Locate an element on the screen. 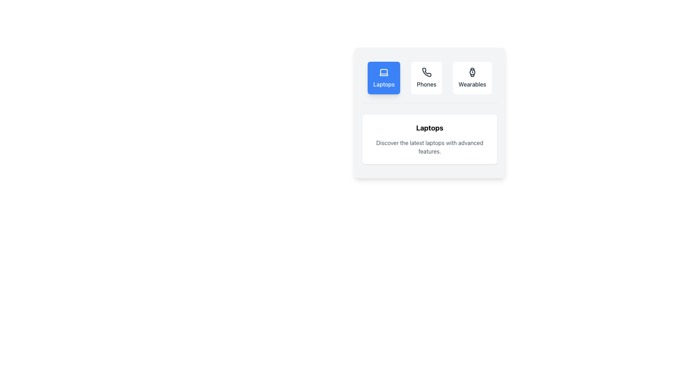 The width and height of the screenshot is (680, 383). the compact, dark-colored watch icon located at the top of the 'Wearables' section is located at coordinates (472, 72).